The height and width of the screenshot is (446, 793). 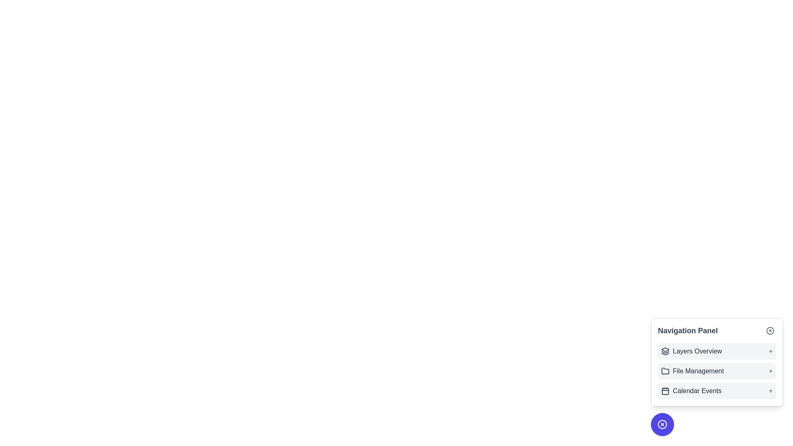 I want to click on the circular vector element located within the small icon beneath the 'Navigation Panel' interface section of the application, so click(x=662, y=425).